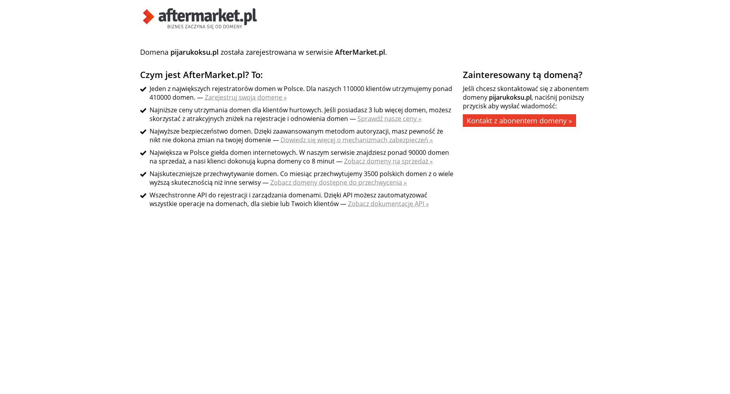 The height and width of the screenshot is (394, 730). What do you see at coordinates (299, 157) in the screenshot?
I see `'Największa w Polsce giełda domen internetowych. 
W naszym serwisie znajdziesz ponad 90000 domen na sprzedaż,
a nasi klienci dokonują kupna domeny co 8 minut
—'` at bounding box center [299, 157].